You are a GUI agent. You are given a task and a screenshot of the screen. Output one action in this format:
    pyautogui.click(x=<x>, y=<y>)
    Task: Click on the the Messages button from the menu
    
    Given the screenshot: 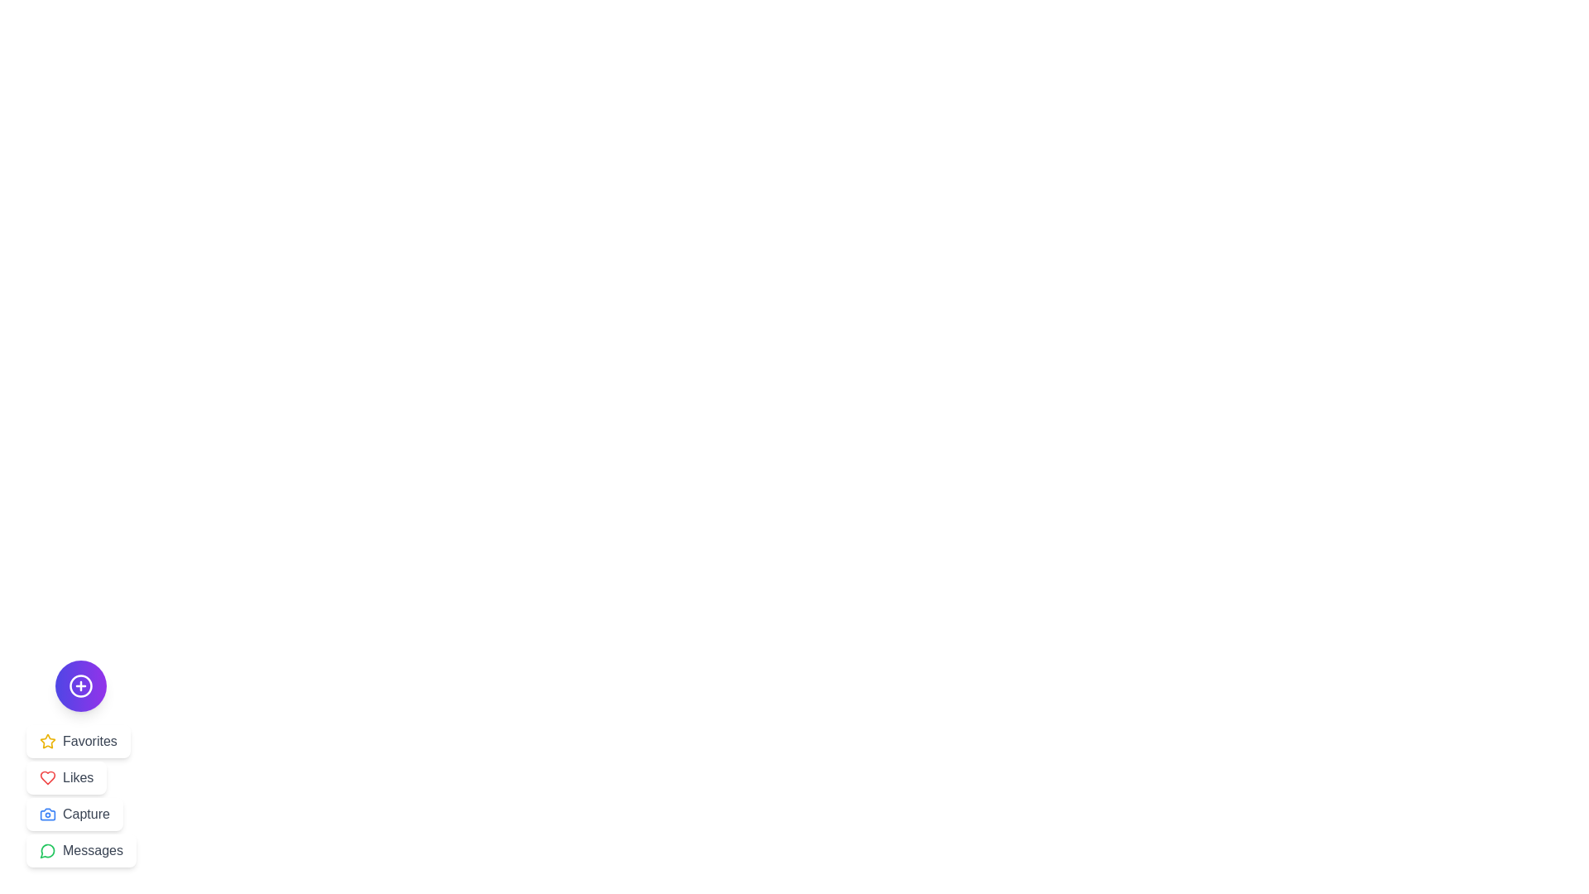 What is the action you would take?
    pyautogui.click(x=80, y=851)
    